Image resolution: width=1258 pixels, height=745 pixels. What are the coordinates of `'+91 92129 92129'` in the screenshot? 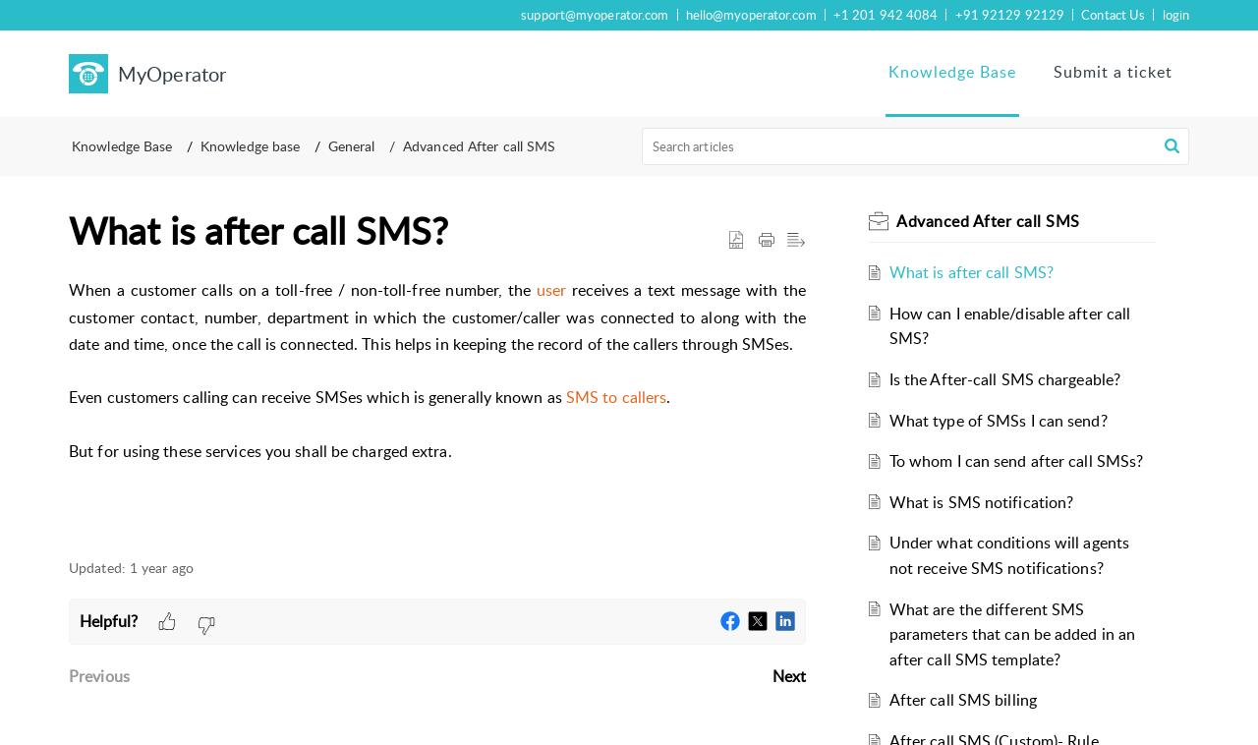 It's located at (1008, 14).